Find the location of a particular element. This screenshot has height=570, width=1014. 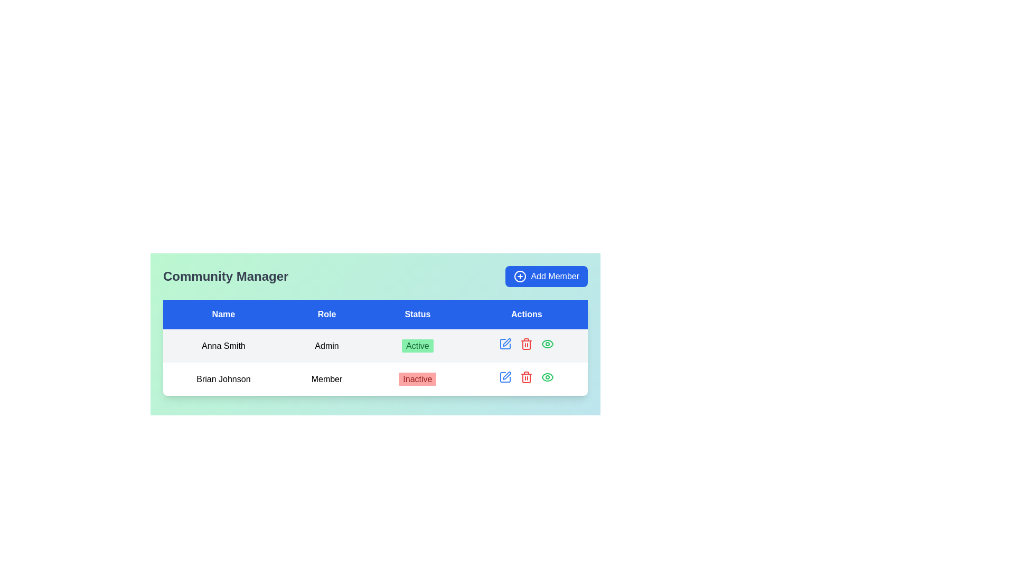

the header text reading 'Community Manager', which is prominently displayed in bold, large dark gray font at the top-left of the header section, above the user details table is located at coordinates (225, 276).